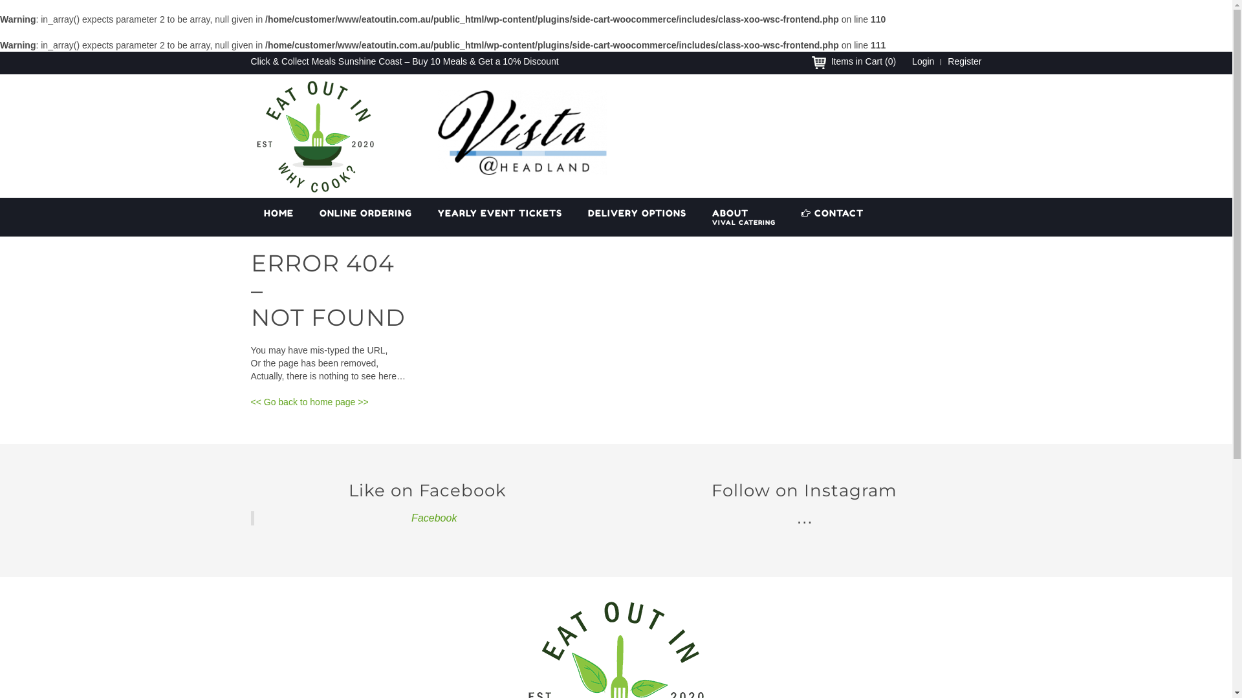 The height and width of the screenshot is (698, 1242). Describe the element at coordinates (922, 61) in the screenshot. I see `'Login'` at that location.